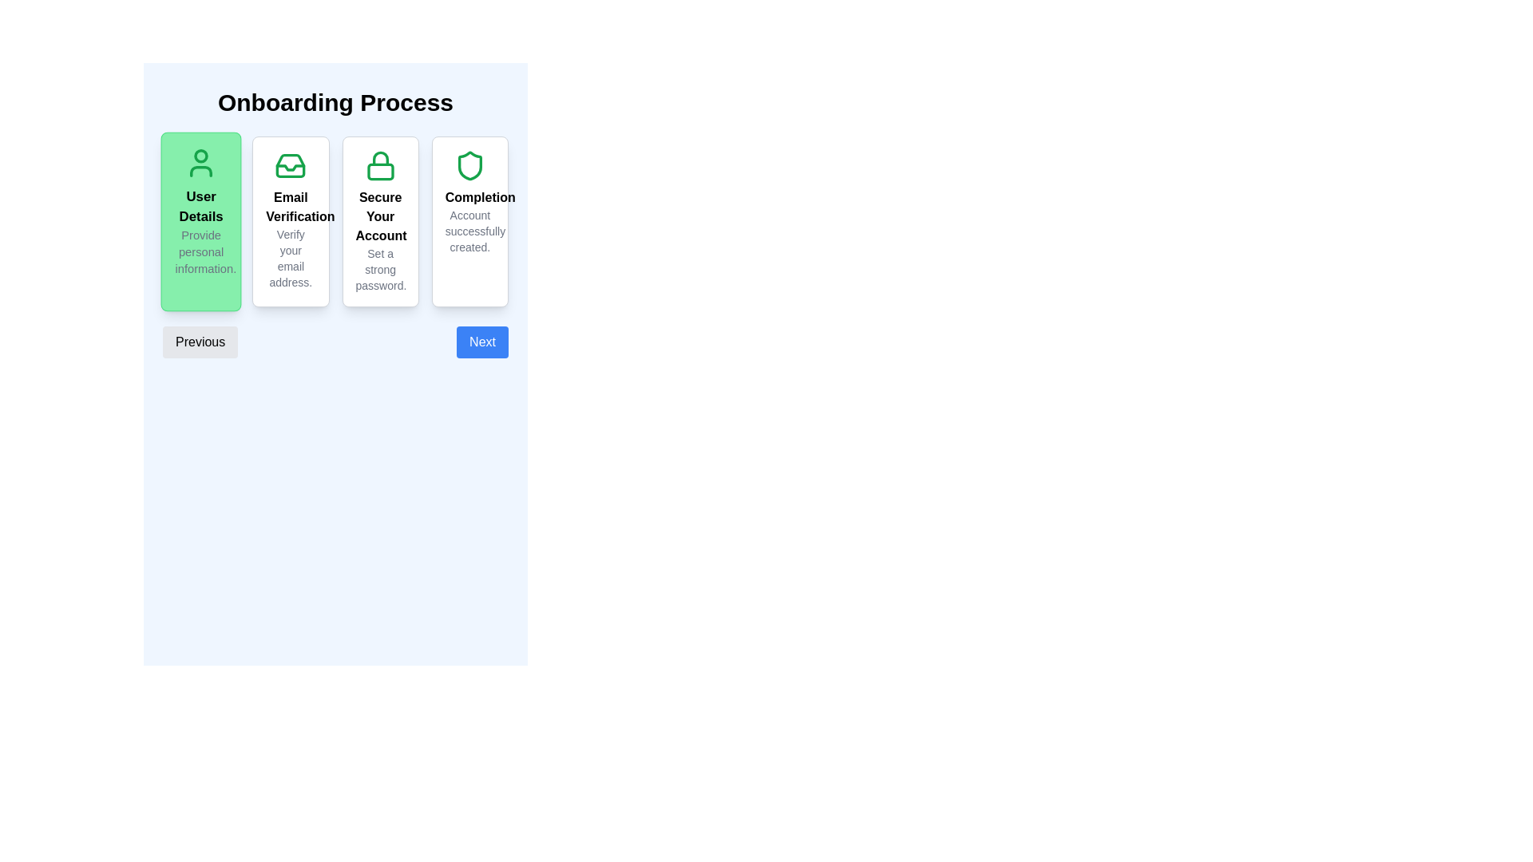  Describe the element at coordinates (200, 251) in the screenshot. I see `the supplementary information Text Label located within the 'User Details' card, positioned below the title 'User Details'` at that location.